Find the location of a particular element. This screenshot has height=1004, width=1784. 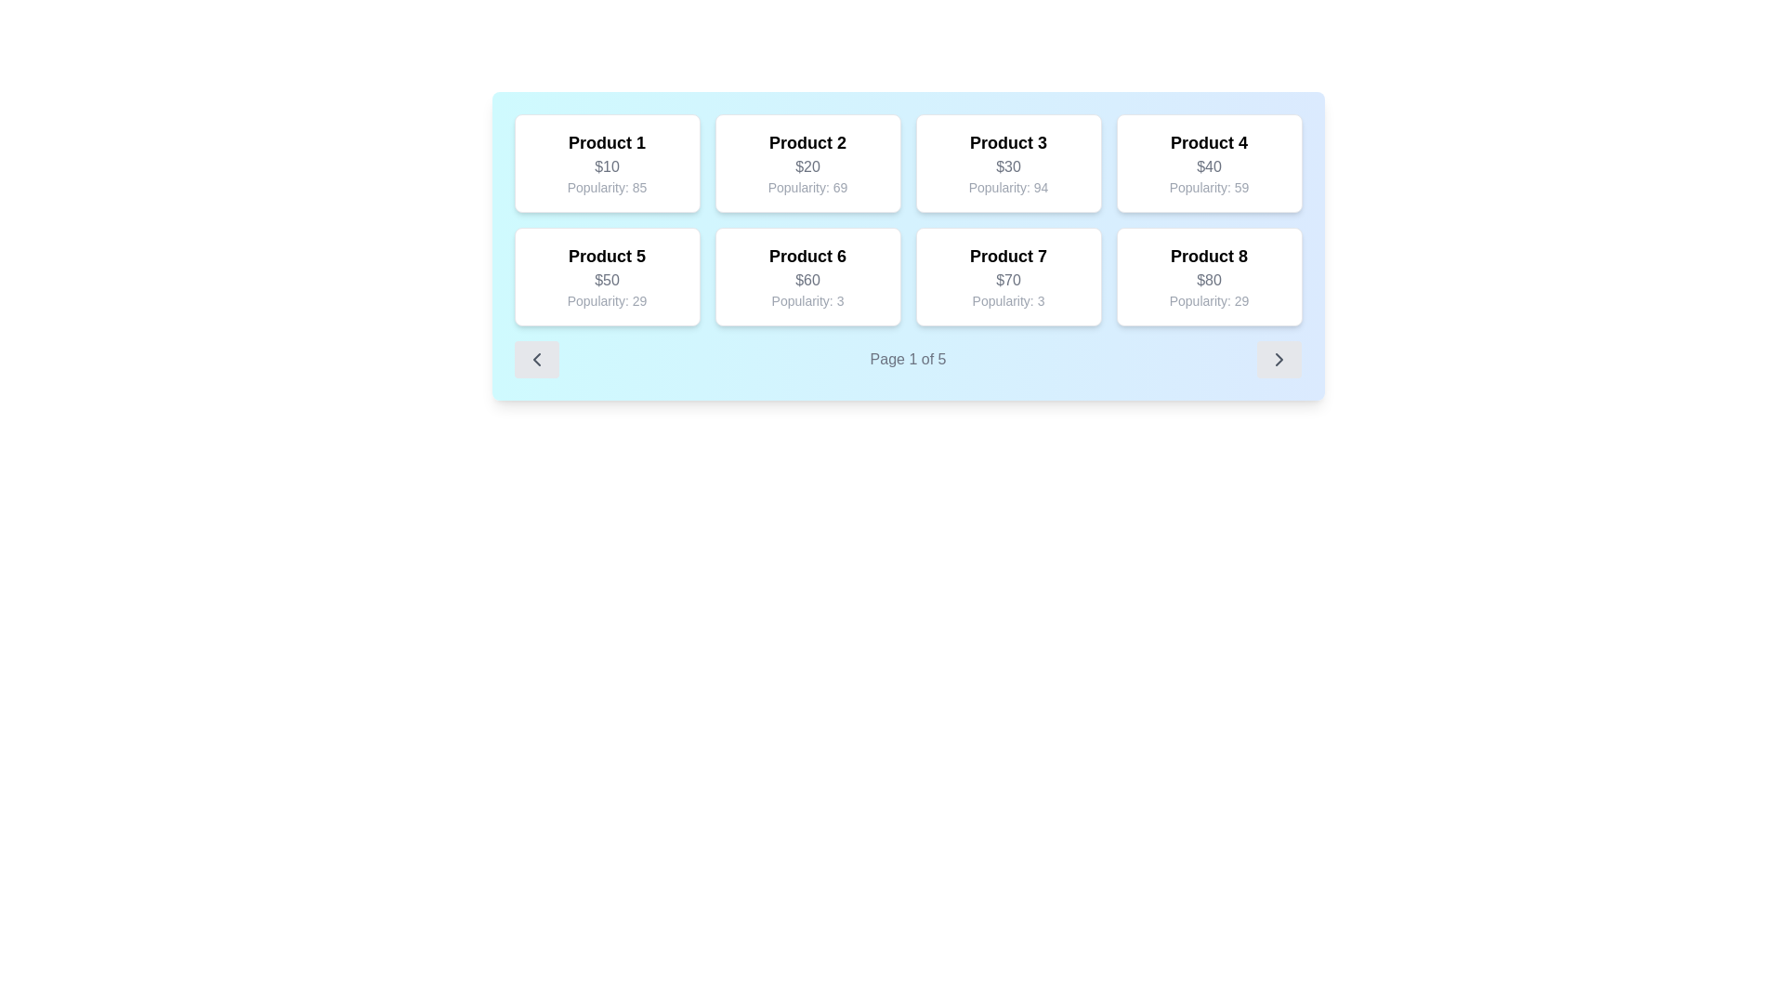

the static text label displaying the price of 'Product 2', which is located below the title and above the popularity label in the second column of the product card is located at coordinates (807, 167).